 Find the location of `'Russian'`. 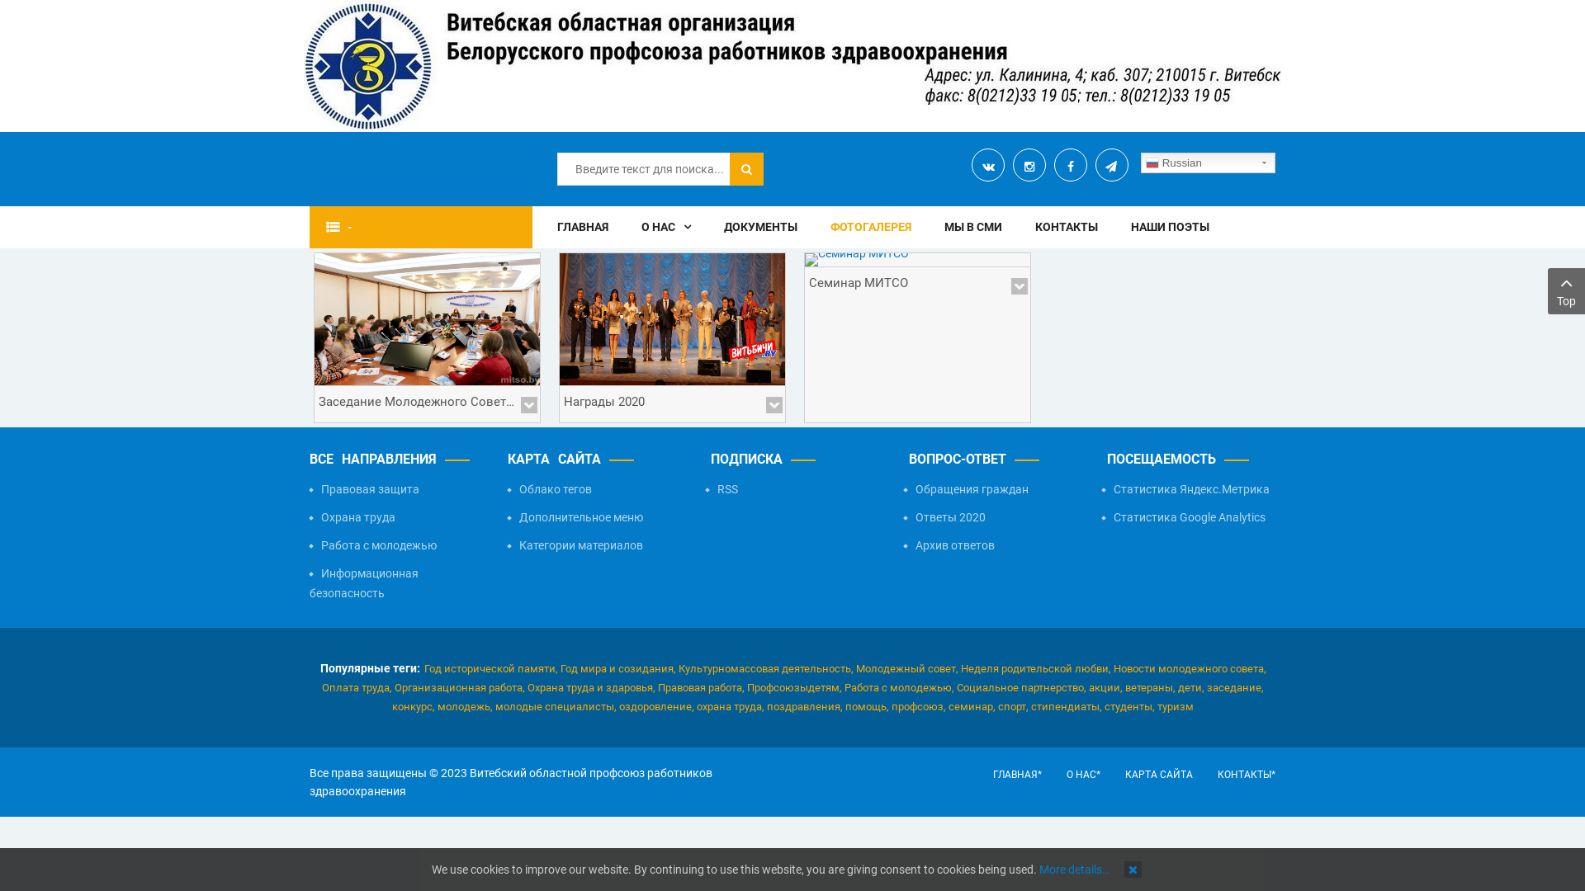

'Russian' is located at coordinates (1208, 163).